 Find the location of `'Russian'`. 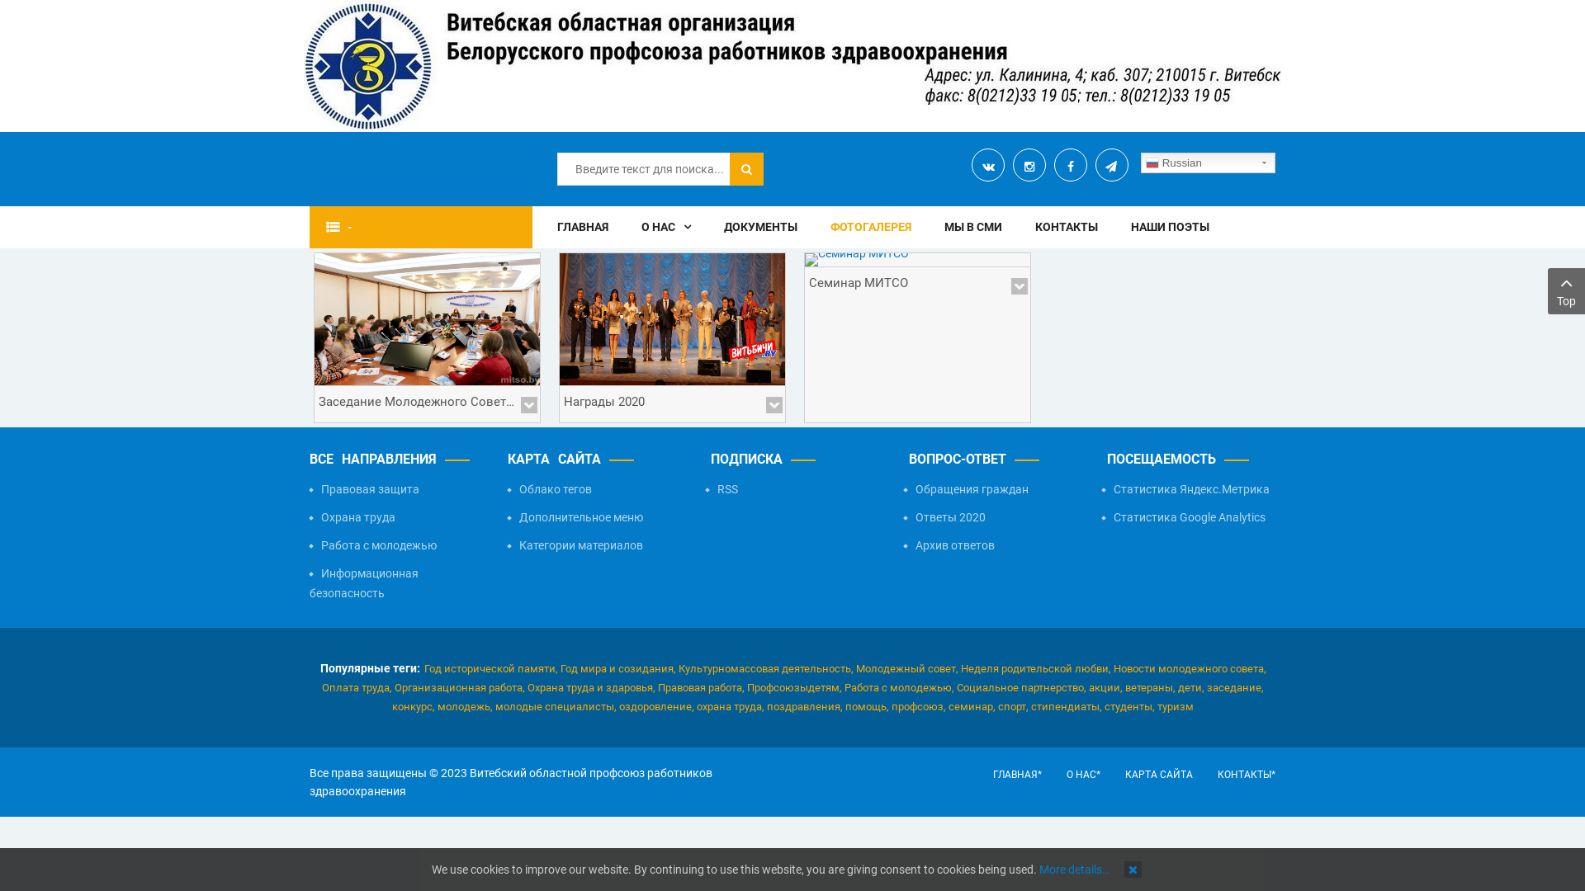

'Russian' is located at coordinates (1208, 163).